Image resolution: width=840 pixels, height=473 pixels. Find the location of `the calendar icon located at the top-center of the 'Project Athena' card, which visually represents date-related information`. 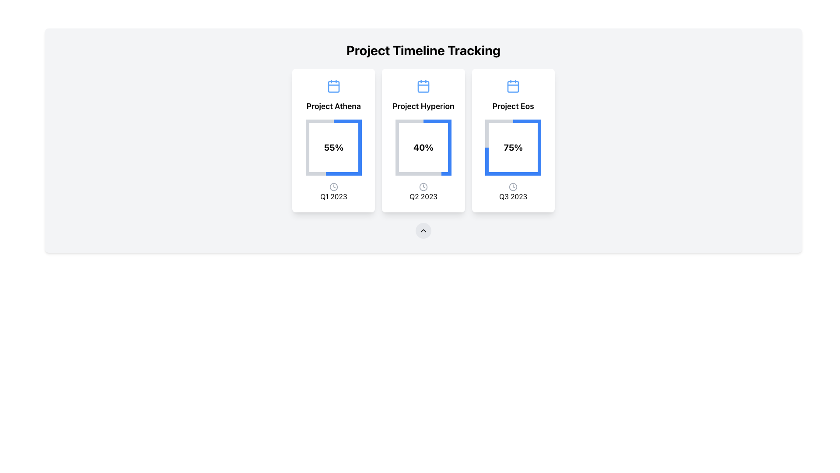

the calendar icon located at the top-center of the 'Project Athena' card, which visually represents date-related information is located at coordinates (333, 86).